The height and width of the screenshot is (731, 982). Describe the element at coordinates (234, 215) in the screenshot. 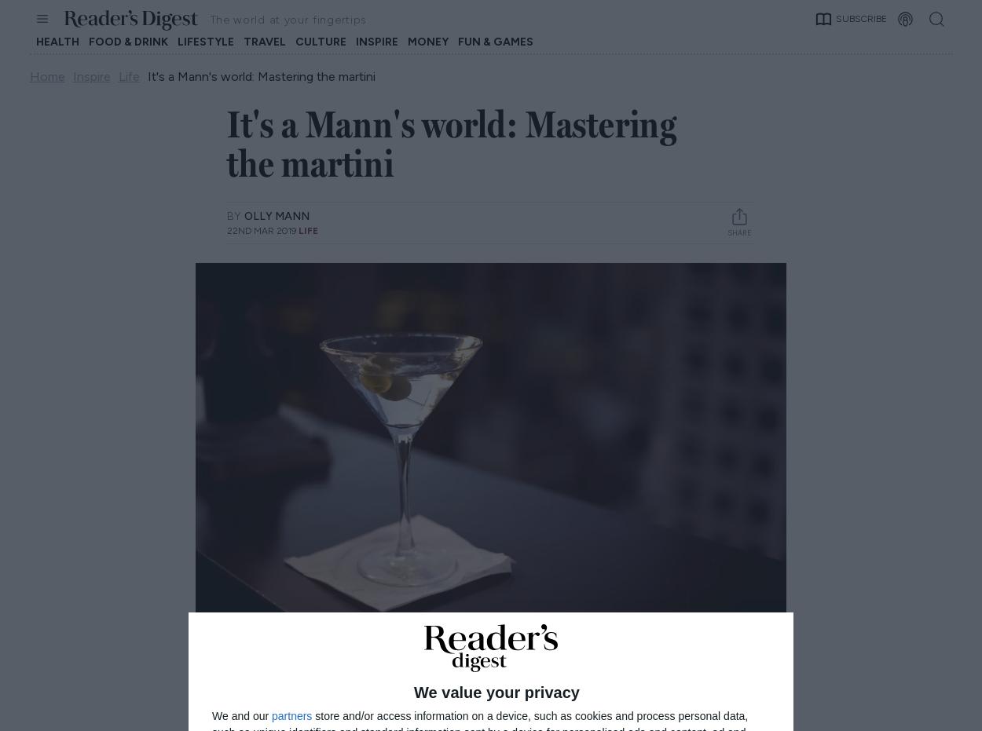

I see `'BY'` at that location.